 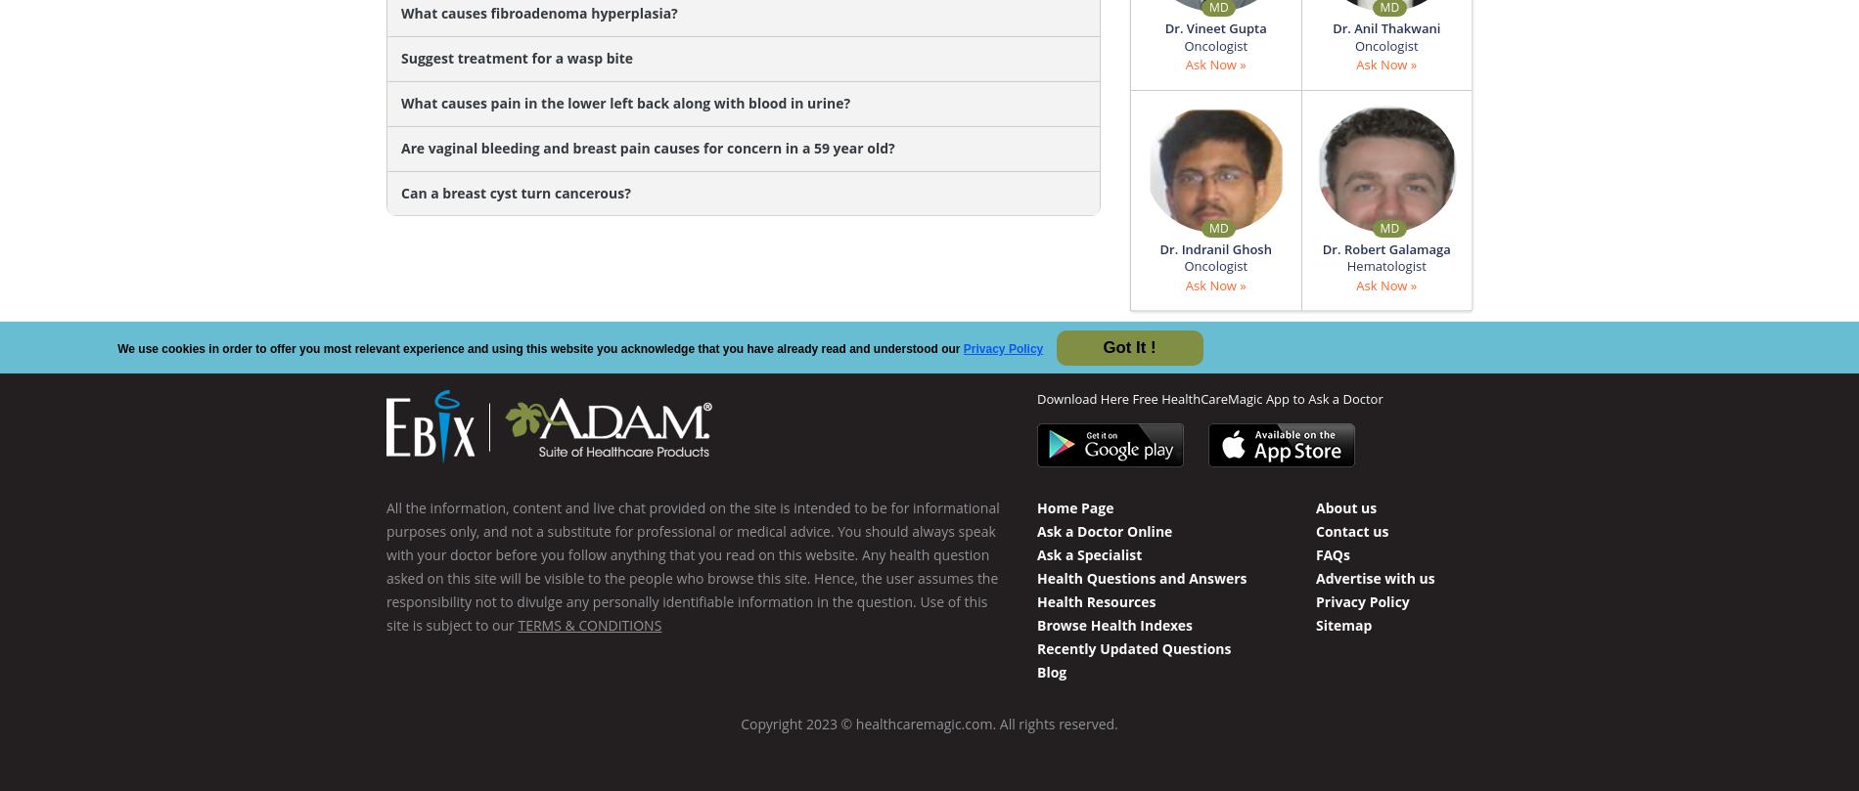 What do you see at coordinates (539, 349) in the screenshot?
I see `'We use cookies in order to offer you most relevant experience and using this website you acknowledge that you have already read and understood our'` at bounding box center [539, 349].